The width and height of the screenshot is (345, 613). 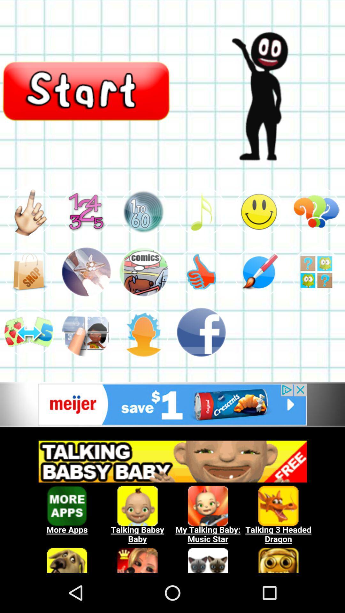 What do you see at coordinates (144, 355) in the screenshot?
I see `the weather icon` at bounding box center [144, 355].